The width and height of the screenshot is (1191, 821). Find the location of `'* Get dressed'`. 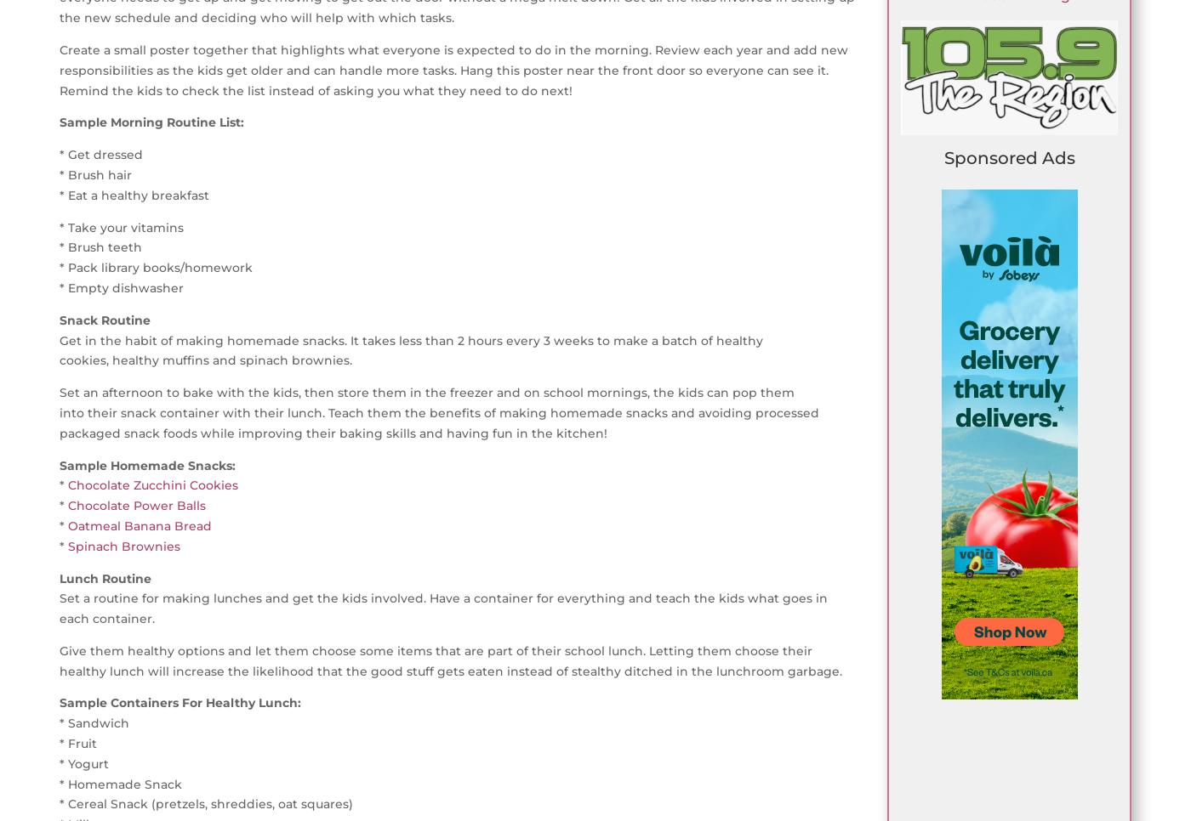

'* Get dressed' is located at coordinates (101, 154).